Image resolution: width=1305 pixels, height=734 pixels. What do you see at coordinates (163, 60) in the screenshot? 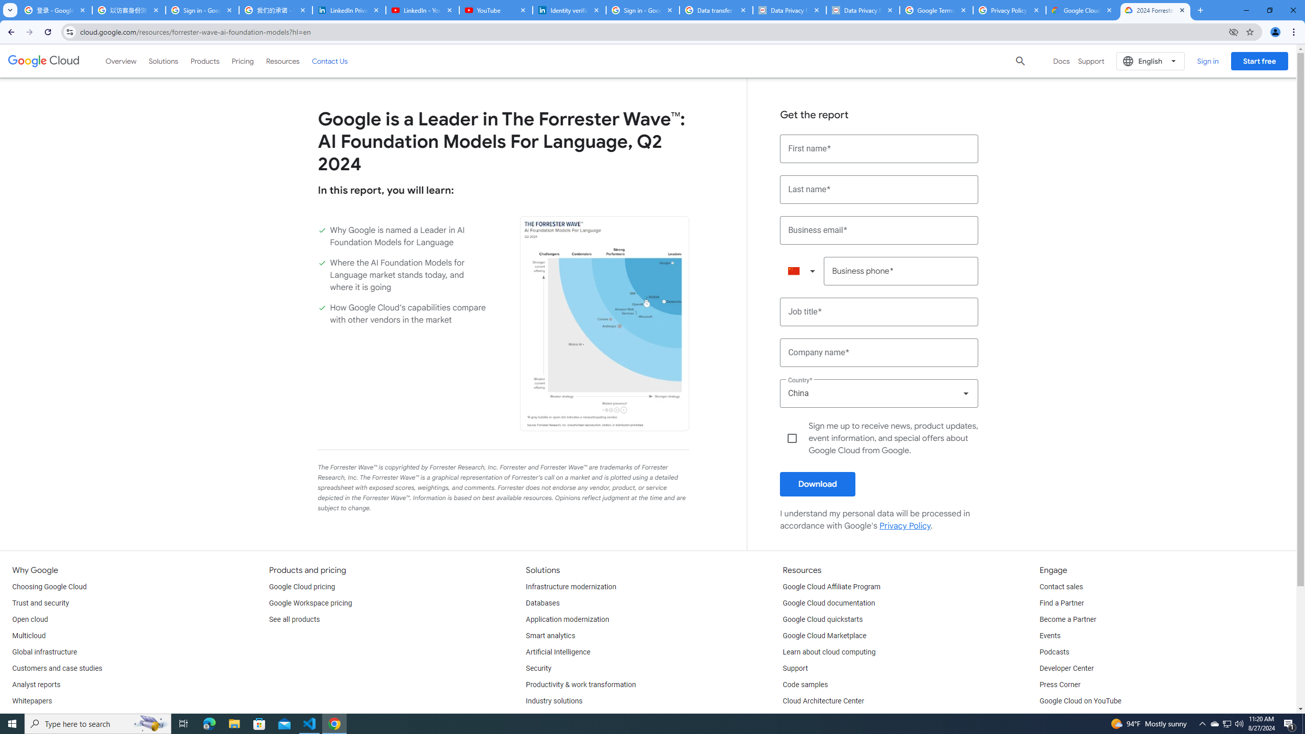
I see `'Solutions'` at bounding box center [163, 60].